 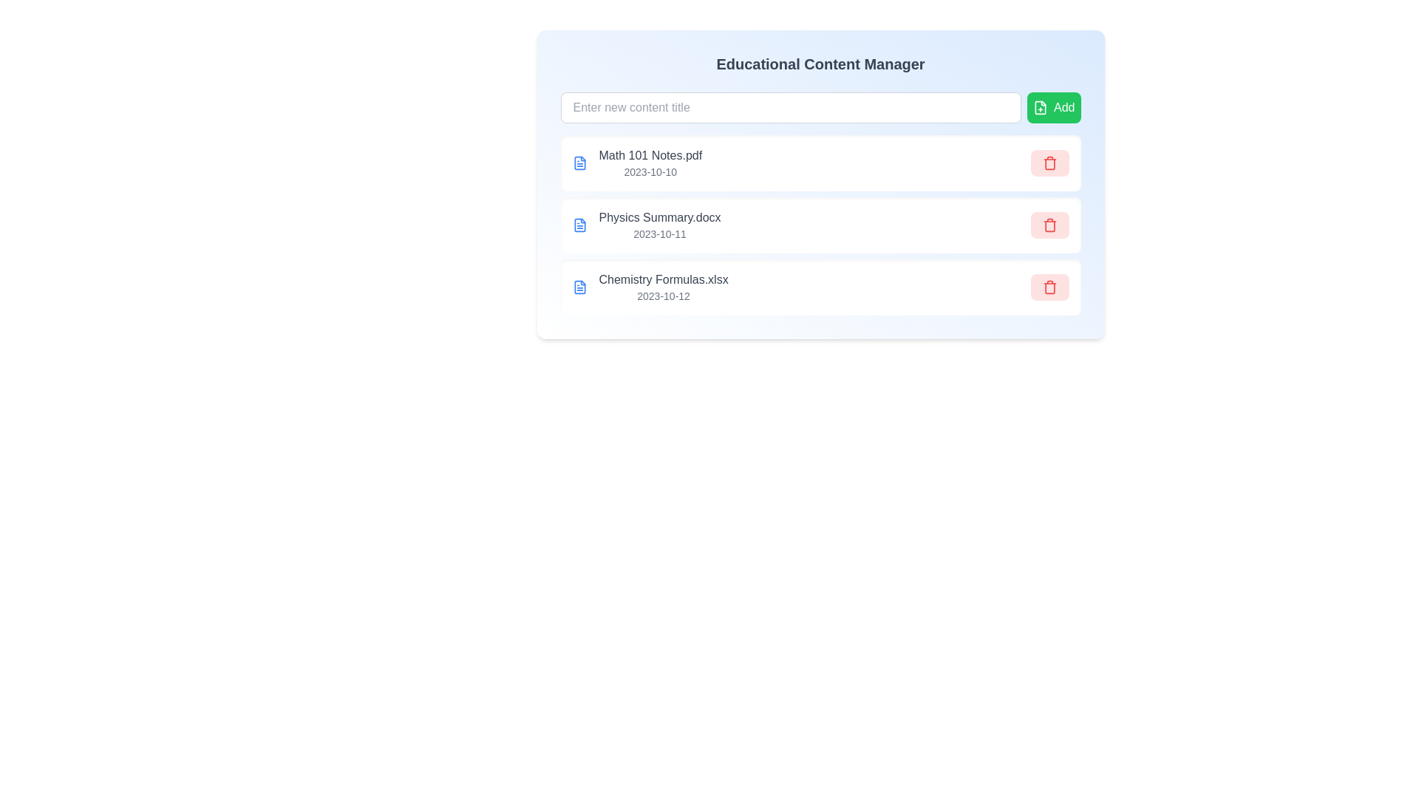 What do you see at coordinates (1049, 287) in the screenshot?
I see `the delete button located at the far right of the third row, which is associated with the file 'Chemistry Formulas.xlsx'` at bounding box center [1049, 287].